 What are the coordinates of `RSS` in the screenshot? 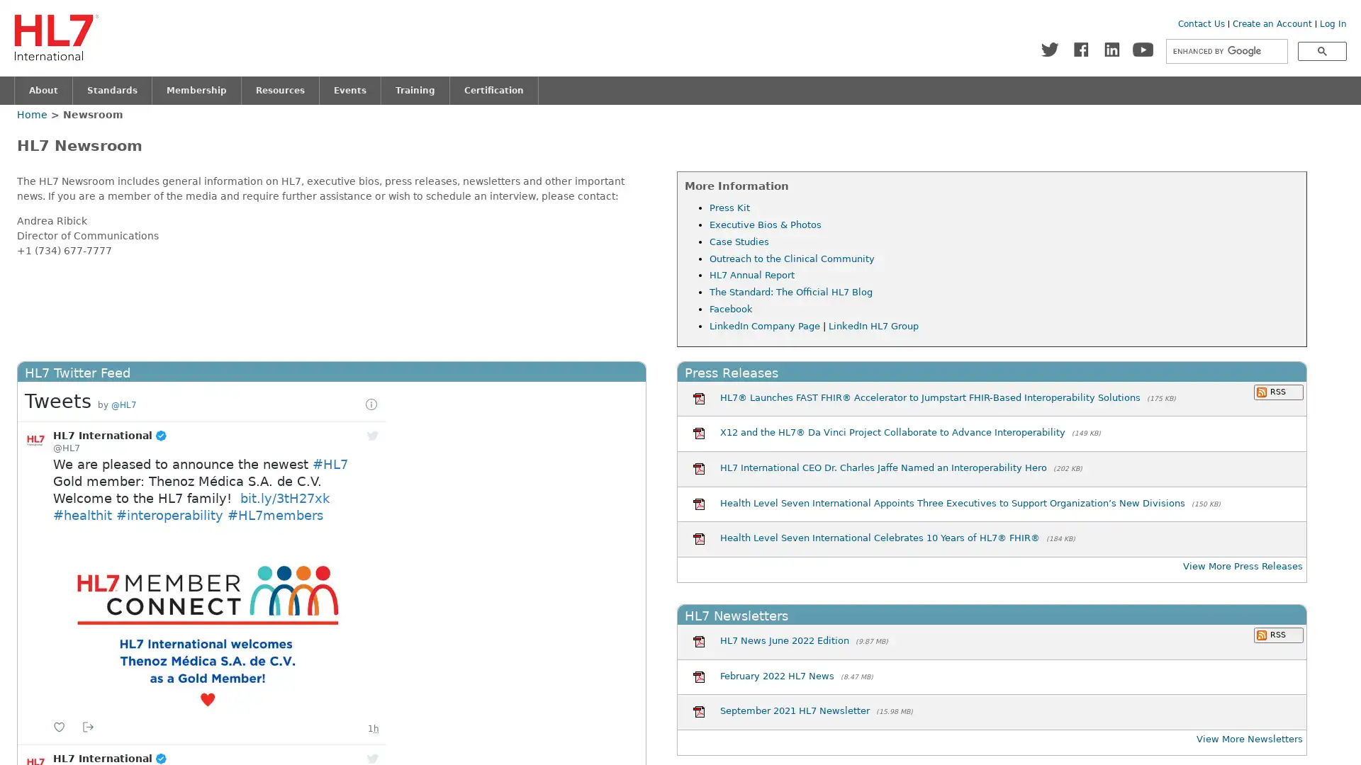 It's located at (1278, 391).